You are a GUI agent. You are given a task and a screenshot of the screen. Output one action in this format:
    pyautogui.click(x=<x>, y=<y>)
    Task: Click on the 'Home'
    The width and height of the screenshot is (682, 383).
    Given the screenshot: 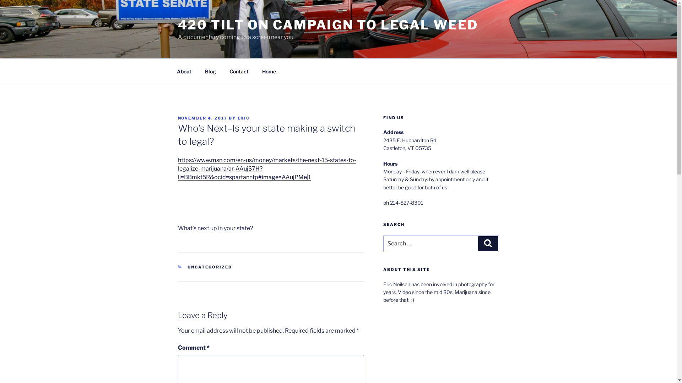 What is the action you would take?
    pyautogui.click(x=269, y=71)
    